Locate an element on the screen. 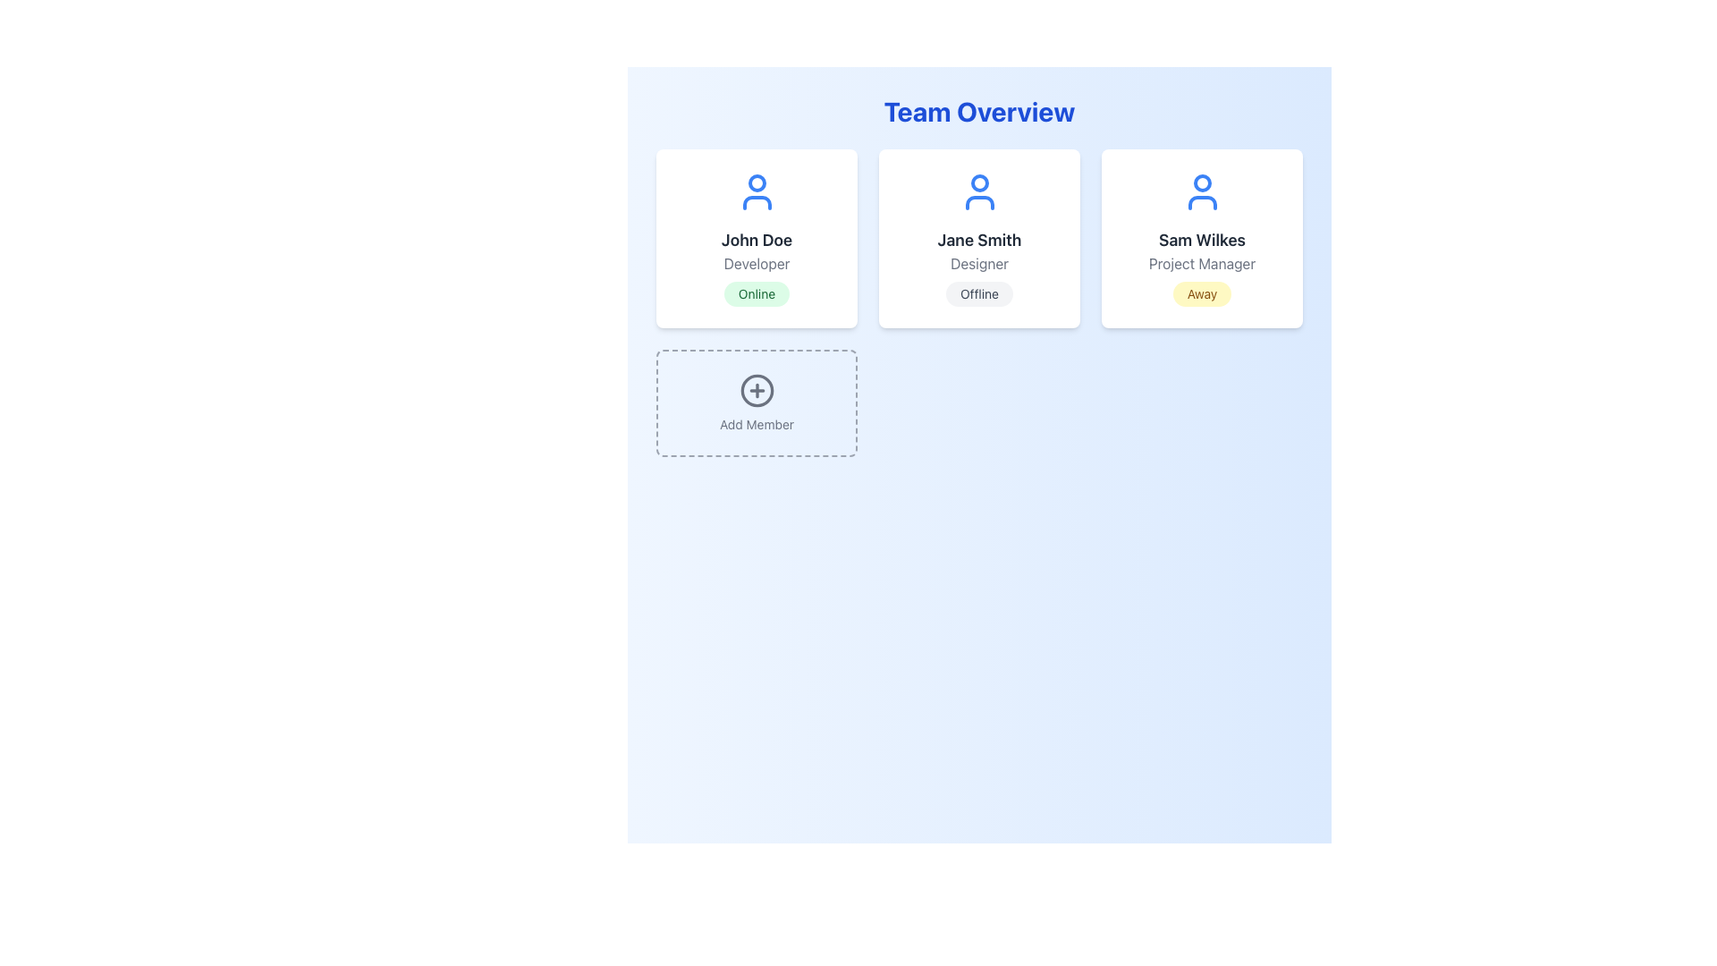 The image size is (1717, 966). the user profile icon with a blue outline, which is positioned above the title text of 'Sam Wilkes - Project Manager' is located at coordinates (1202, 192).